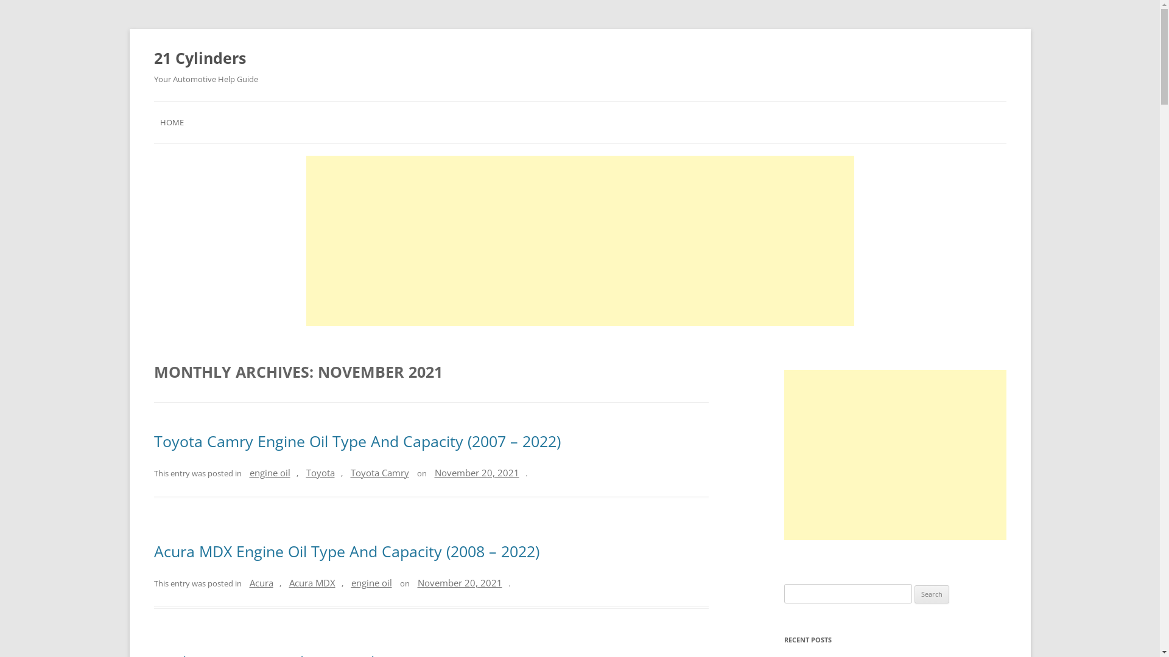  What do you see at coordinates (379, 471) in the screenshot?
I see `'Toyota Camry'` at bounding box center [379, 471].